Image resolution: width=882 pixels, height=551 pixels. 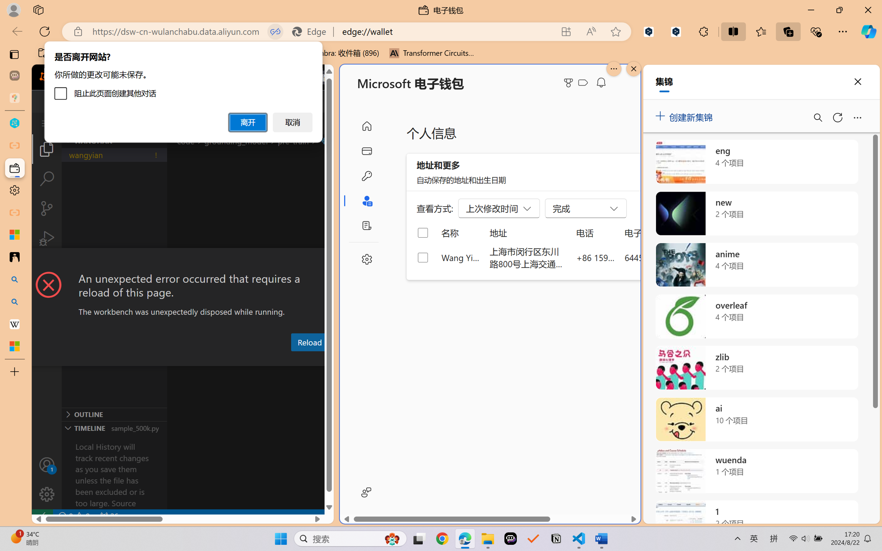 I want to click on 'Run and Debug (Ctrl+Shift+D)', so click(x=46, y=238).